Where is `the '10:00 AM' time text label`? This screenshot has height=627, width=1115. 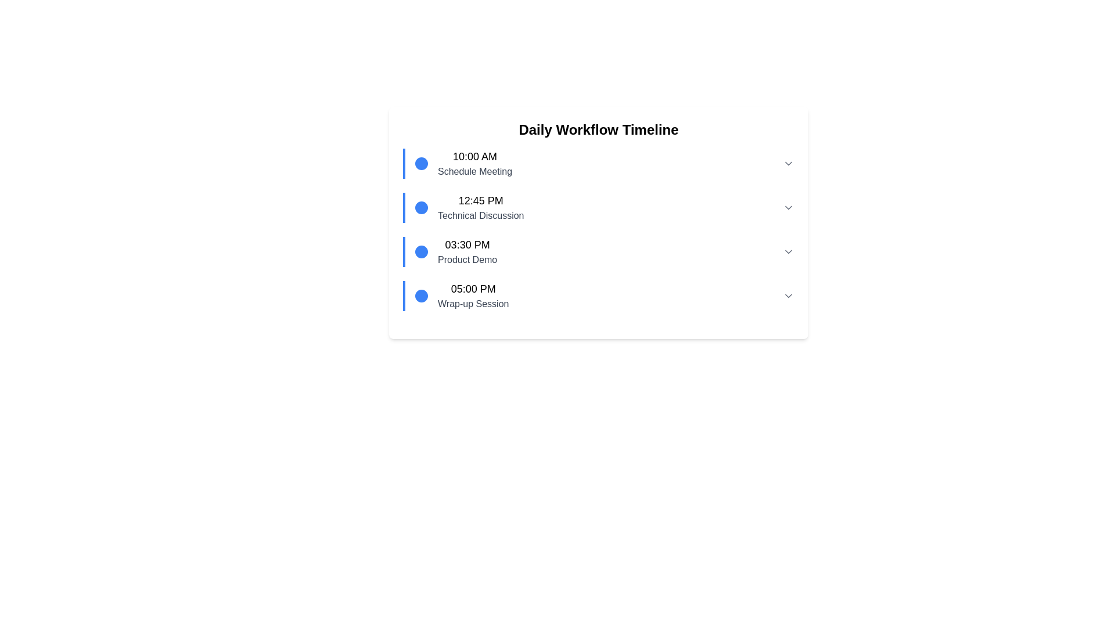 the '10:00 AM' time text label is located at coordinates (475, 157).